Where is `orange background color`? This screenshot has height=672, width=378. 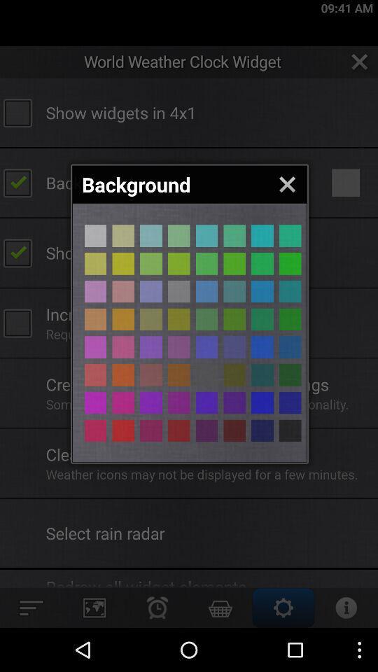
orange background color is located at coordinates (123, 319).